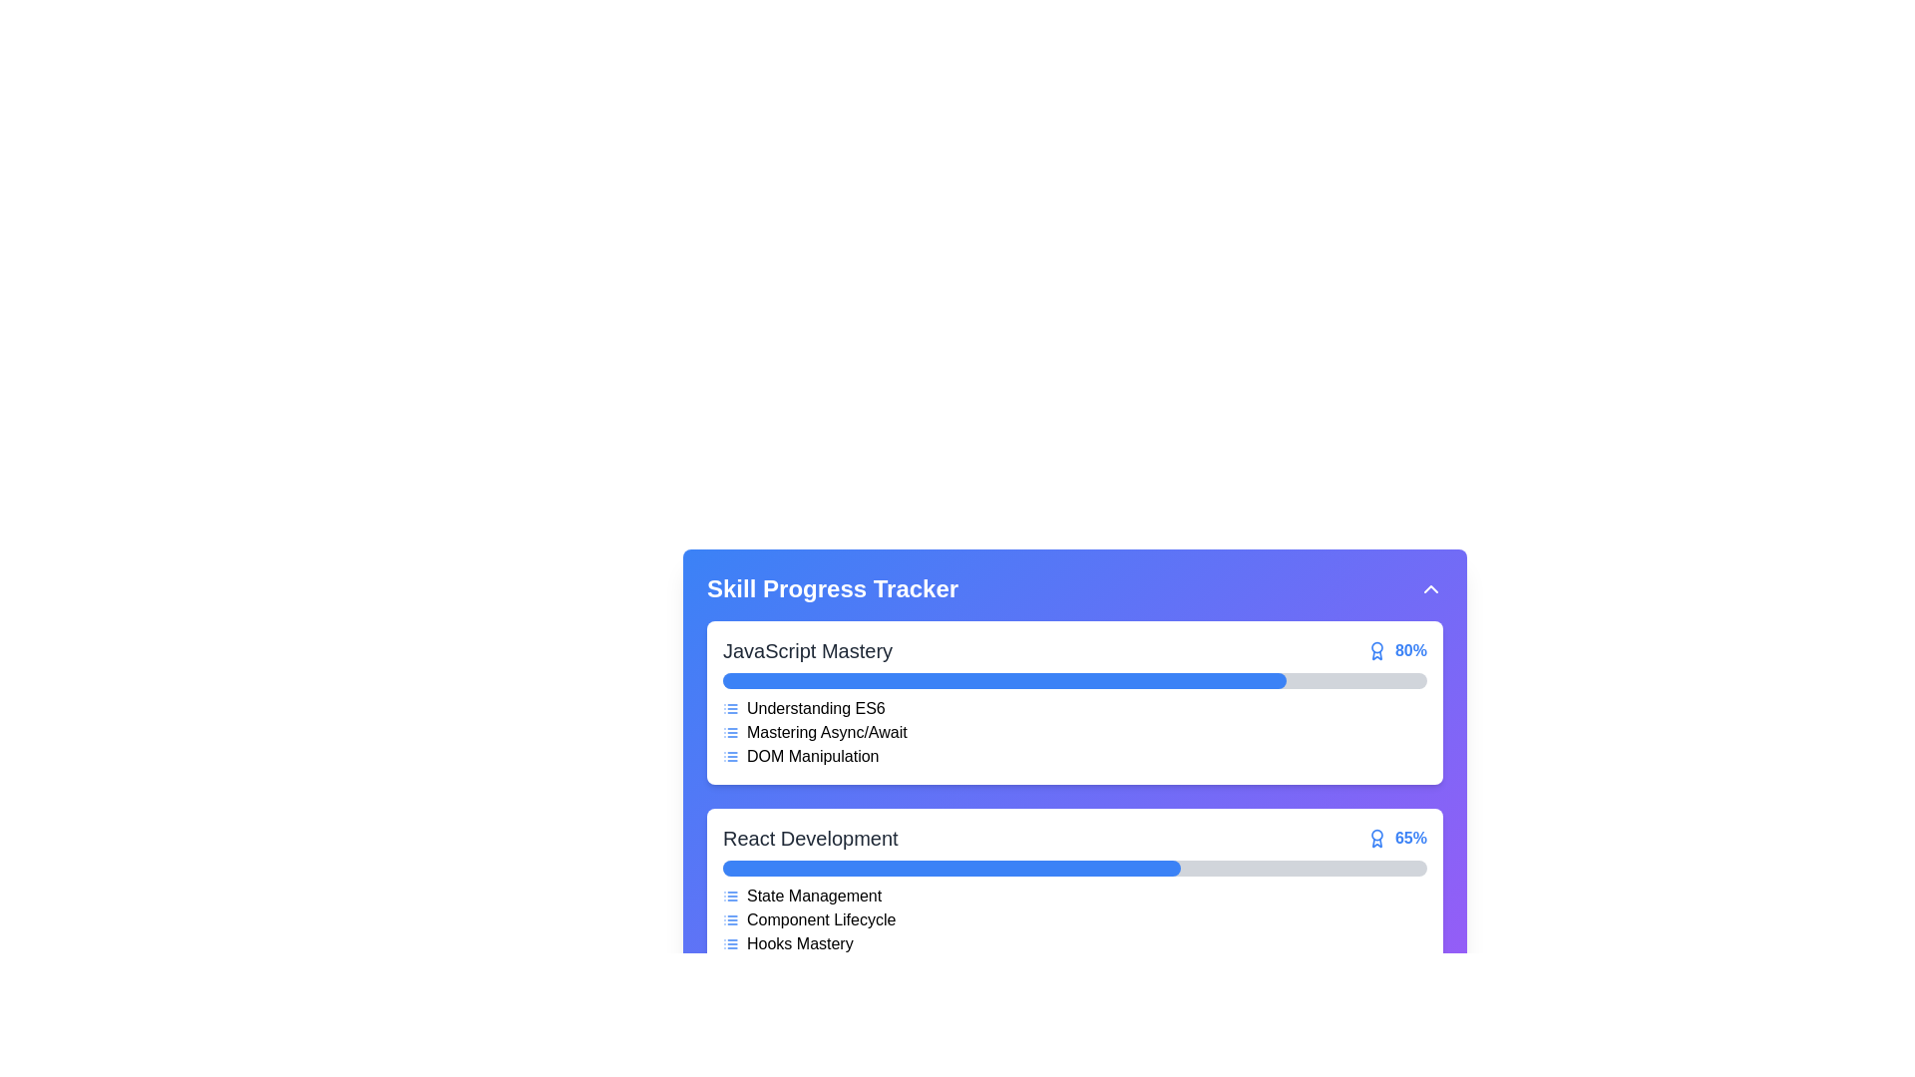 This screenshot has height=1077, width=1915. Describe the element at coordinates (1396, 838) in the screenshot. I see `the label displaying '65%' in bold blue font, which is accompanied by an award icon, located at the right end of the 'React Development' progress tracker section` at that location.